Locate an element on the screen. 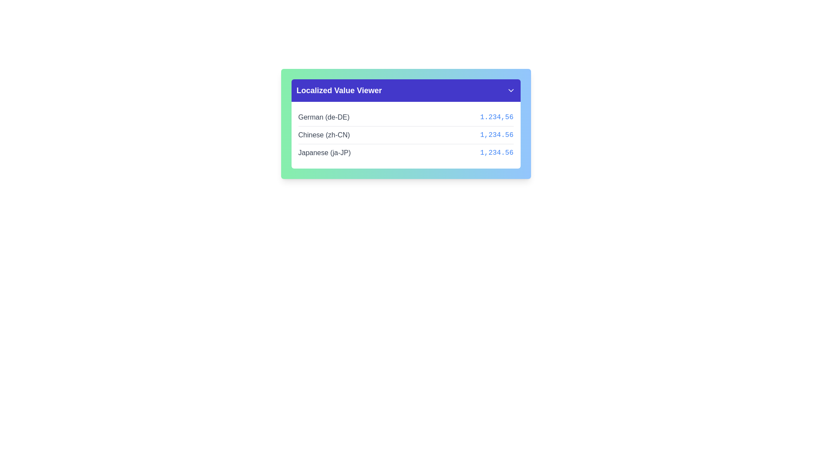 The height and width of the screenshot is (468, 833). numeric value '1,234.56' displayed in blue monospaced font to the right of 'Chinese (zh-CN)' is located at coordinates (497, 135).